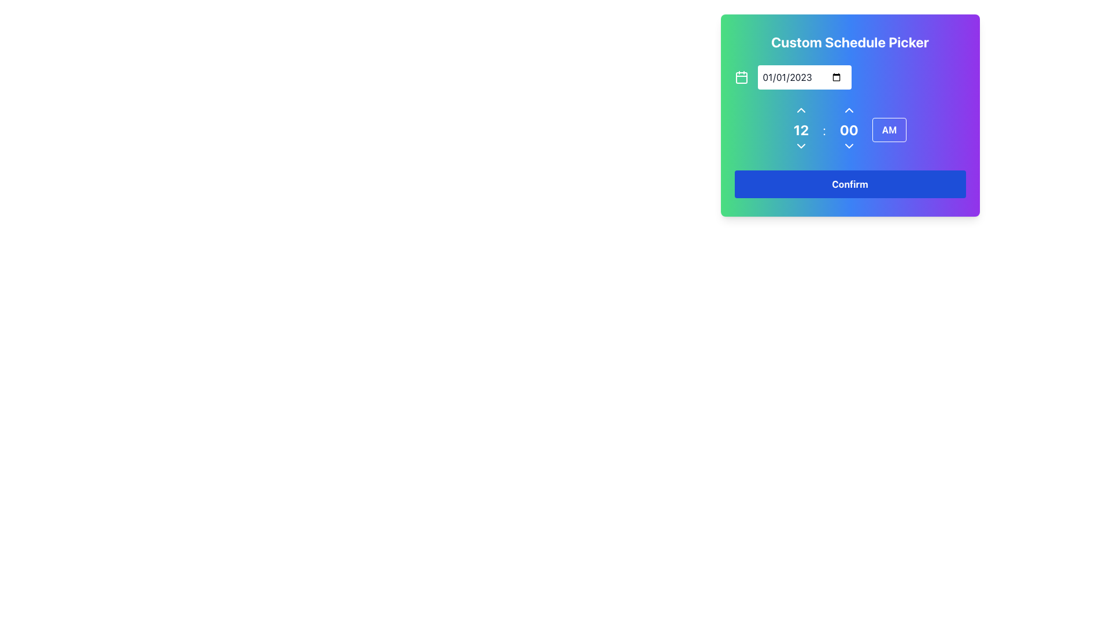  I want to click on the static text display for the hour value in the time picker interface, located between the upward and downward arrow symbols, so click(801, 129).